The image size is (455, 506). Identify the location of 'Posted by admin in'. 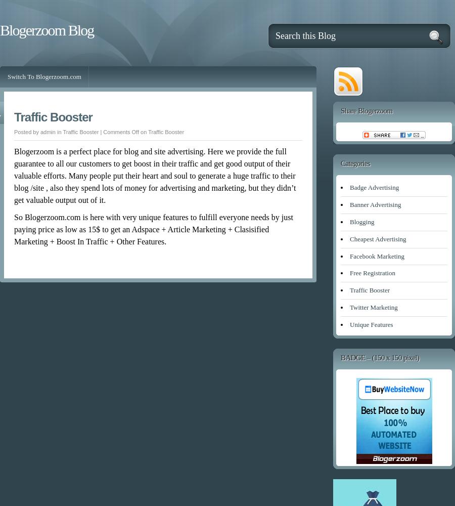
(37, 132).